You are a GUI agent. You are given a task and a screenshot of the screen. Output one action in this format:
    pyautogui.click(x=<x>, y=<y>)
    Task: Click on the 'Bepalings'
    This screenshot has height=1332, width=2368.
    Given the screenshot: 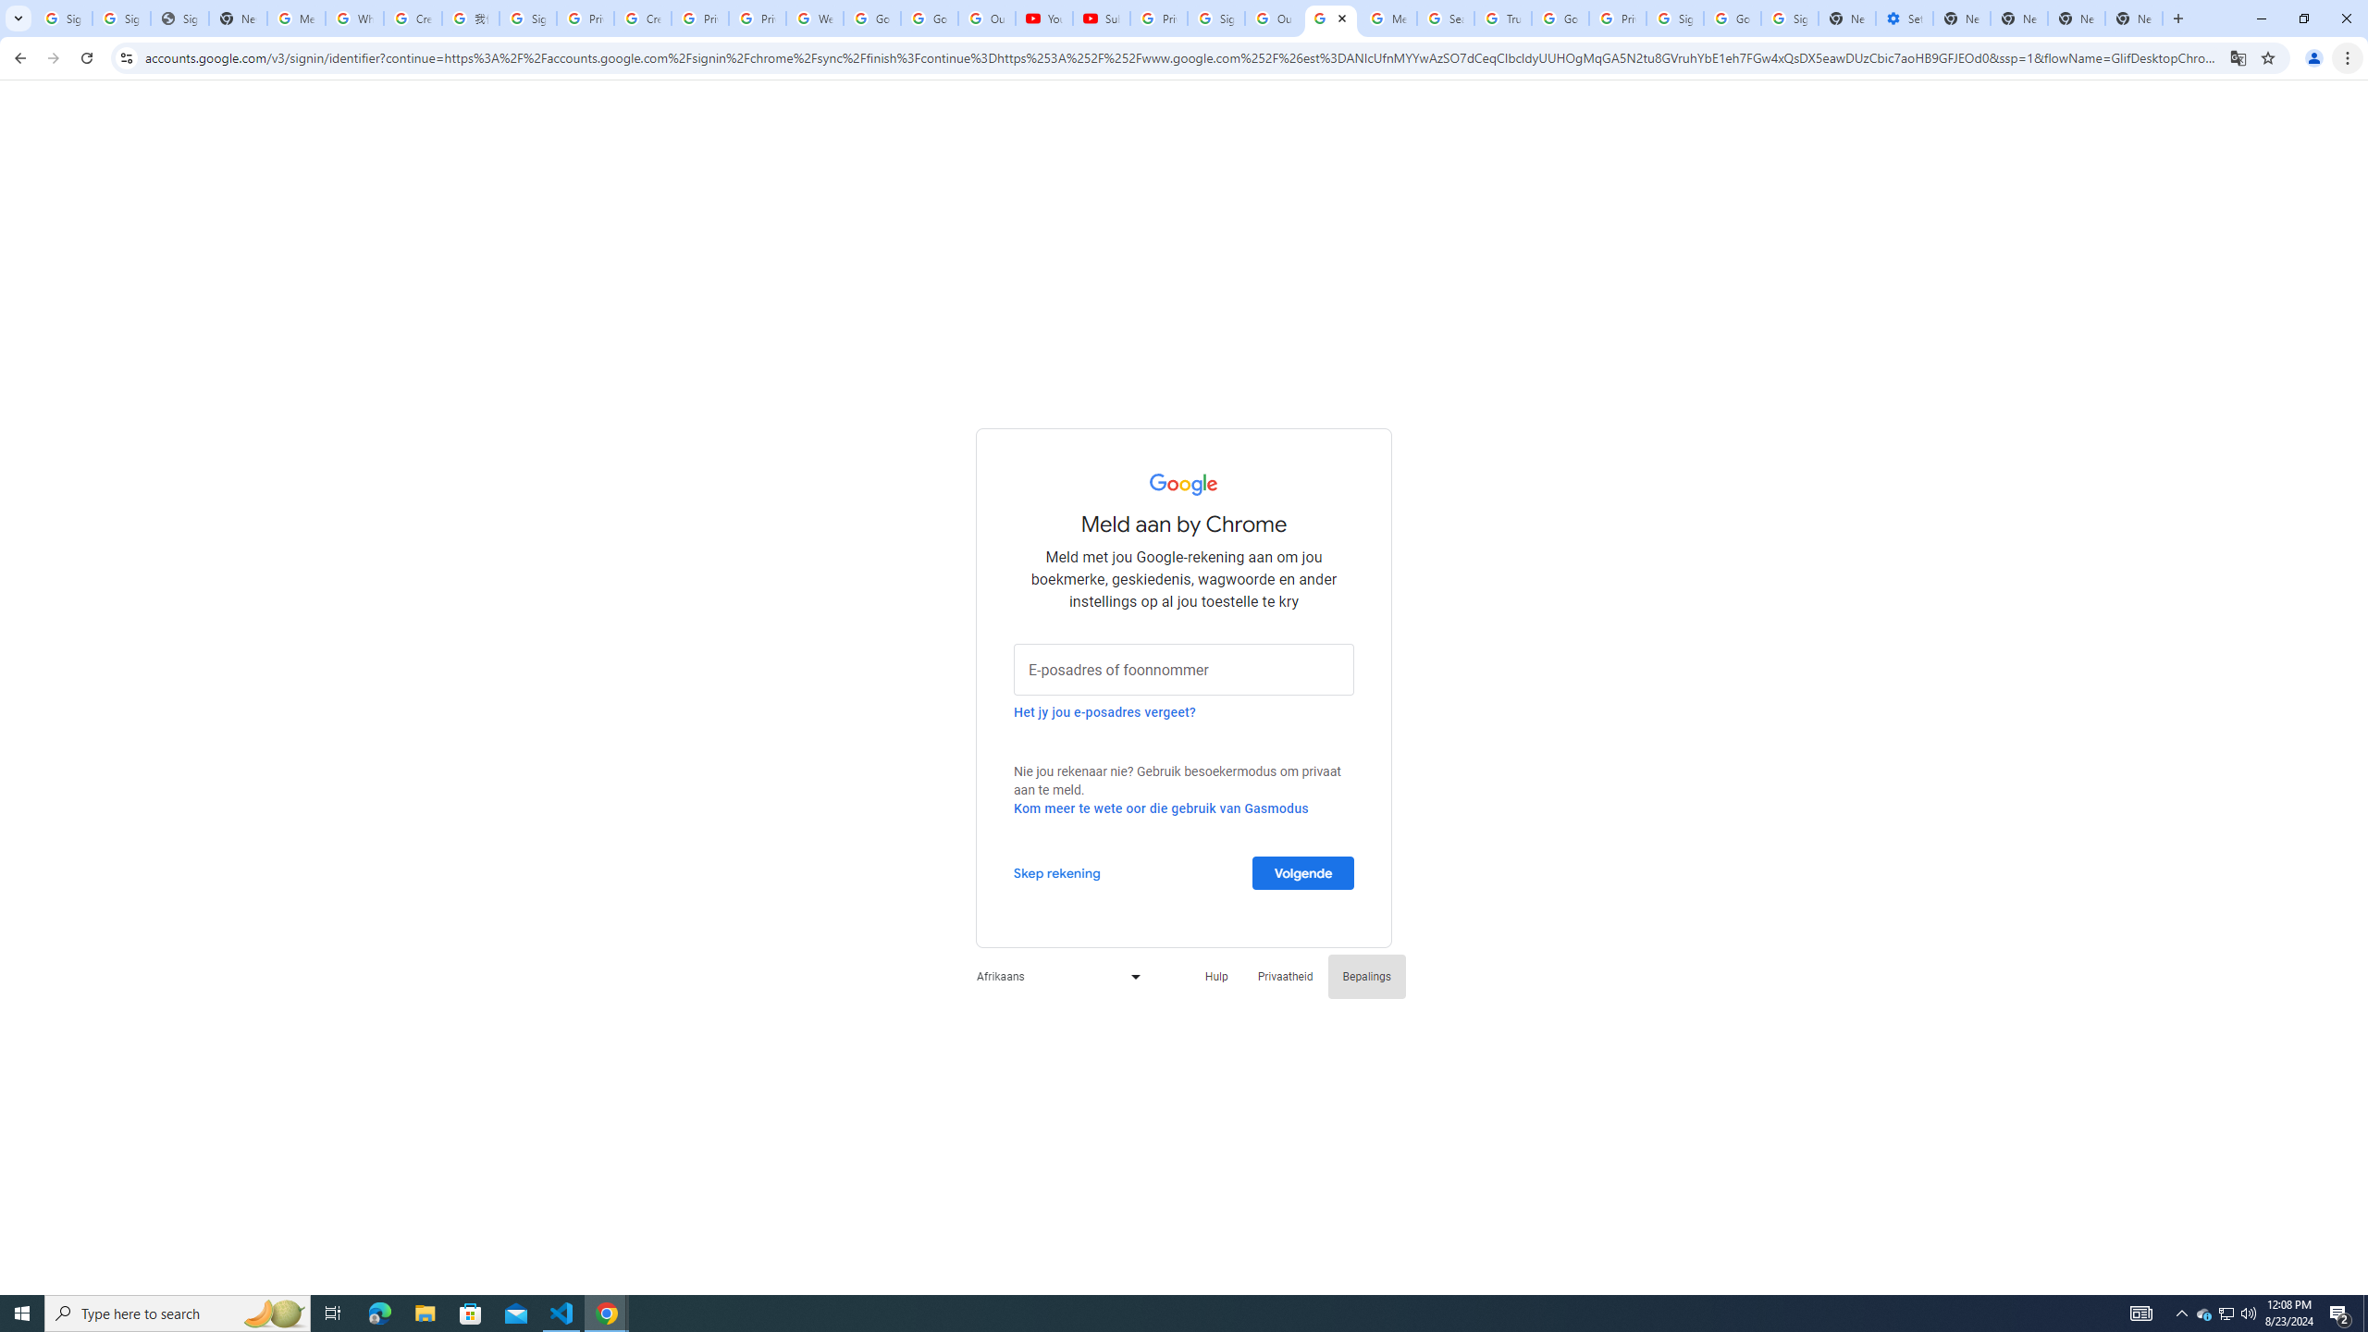 What is the action you would take?
    pyautogui.click(x=1366, y=975)
    